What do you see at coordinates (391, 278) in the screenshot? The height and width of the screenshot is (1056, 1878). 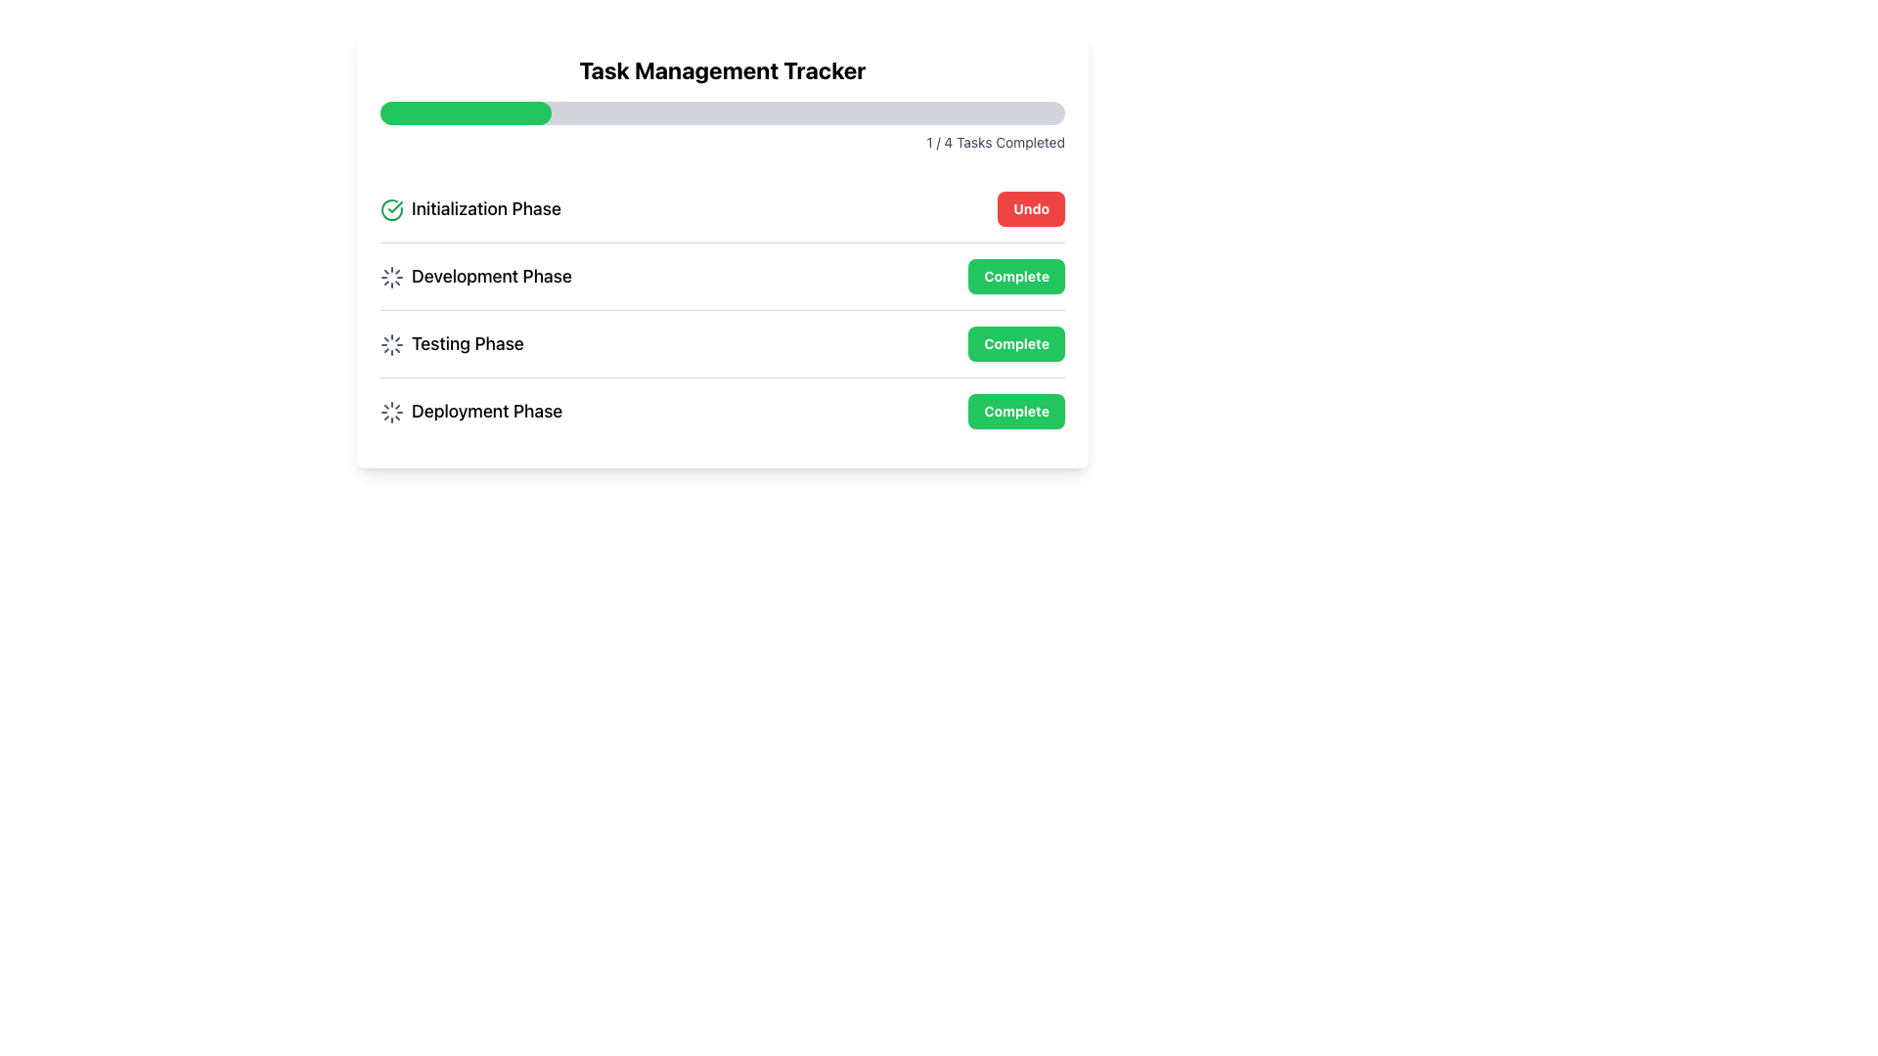 I see `the 'Development Phase' status icon, which is positioned to the left of the text indicating 'Development Phase' in the task management interface` at bounding box center [391, 278].